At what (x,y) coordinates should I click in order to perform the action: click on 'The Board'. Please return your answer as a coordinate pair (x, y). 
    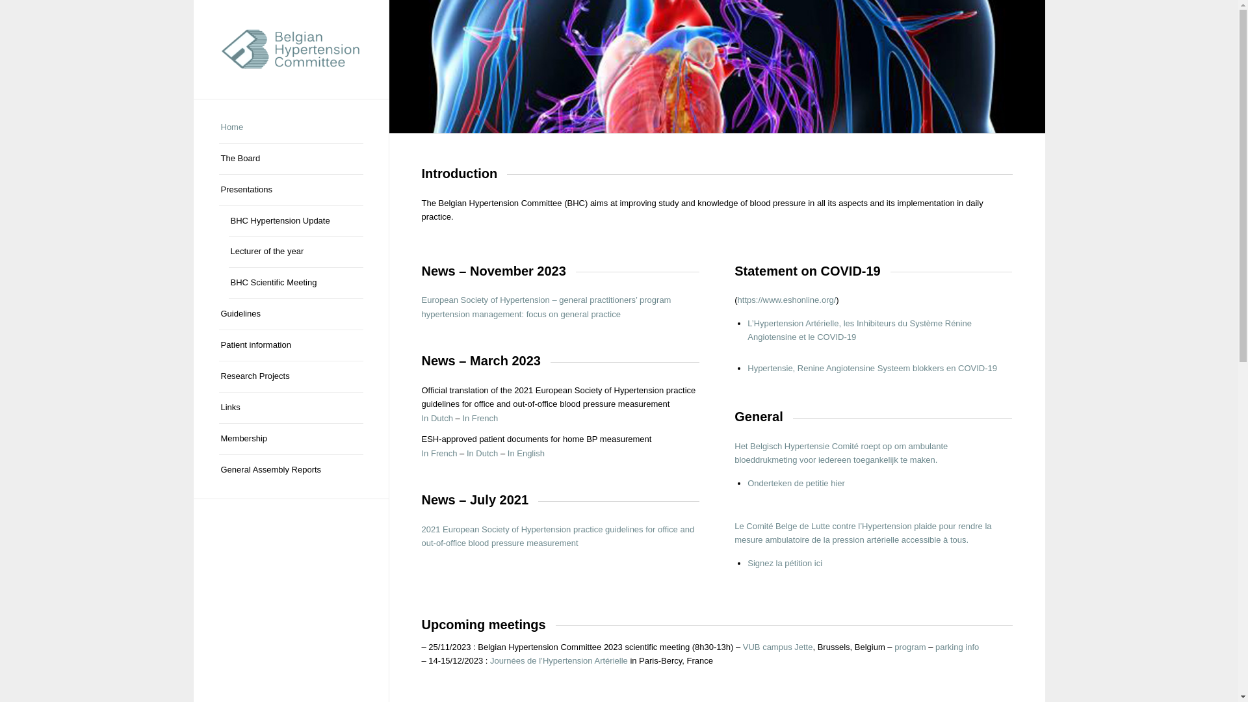
    Looking at the image, I should click on (289, 159).